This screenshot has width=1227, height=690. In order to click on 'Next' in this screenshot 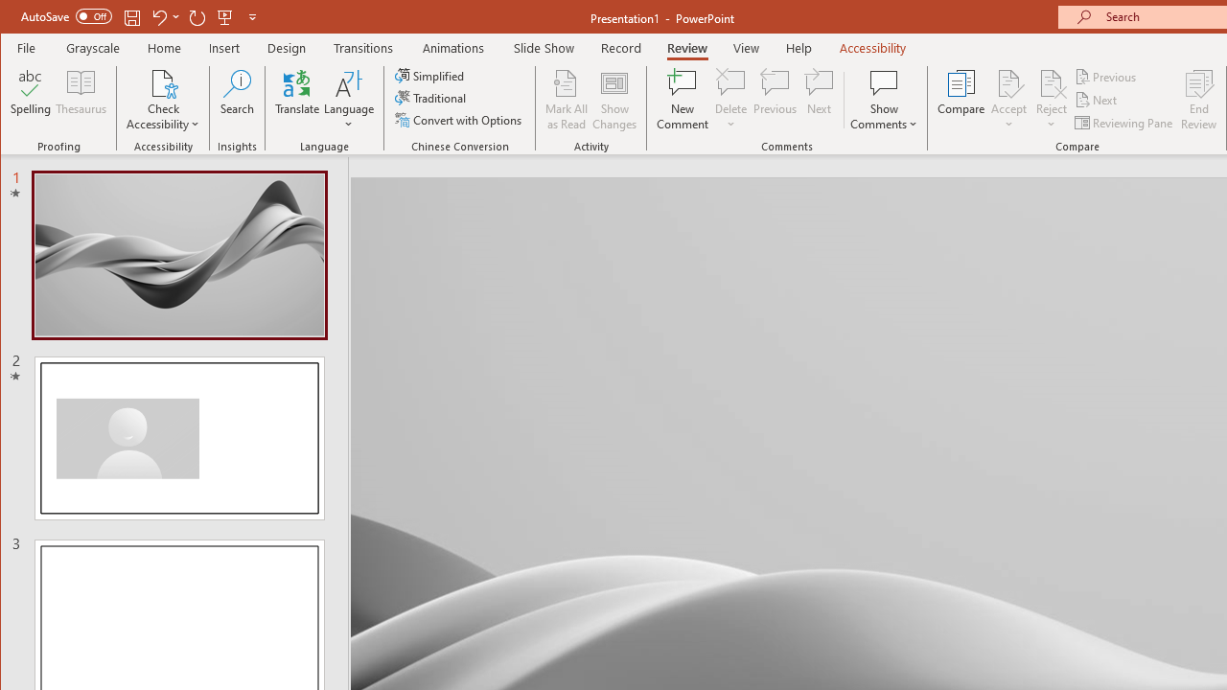, I will do `click(1097, 100)`.